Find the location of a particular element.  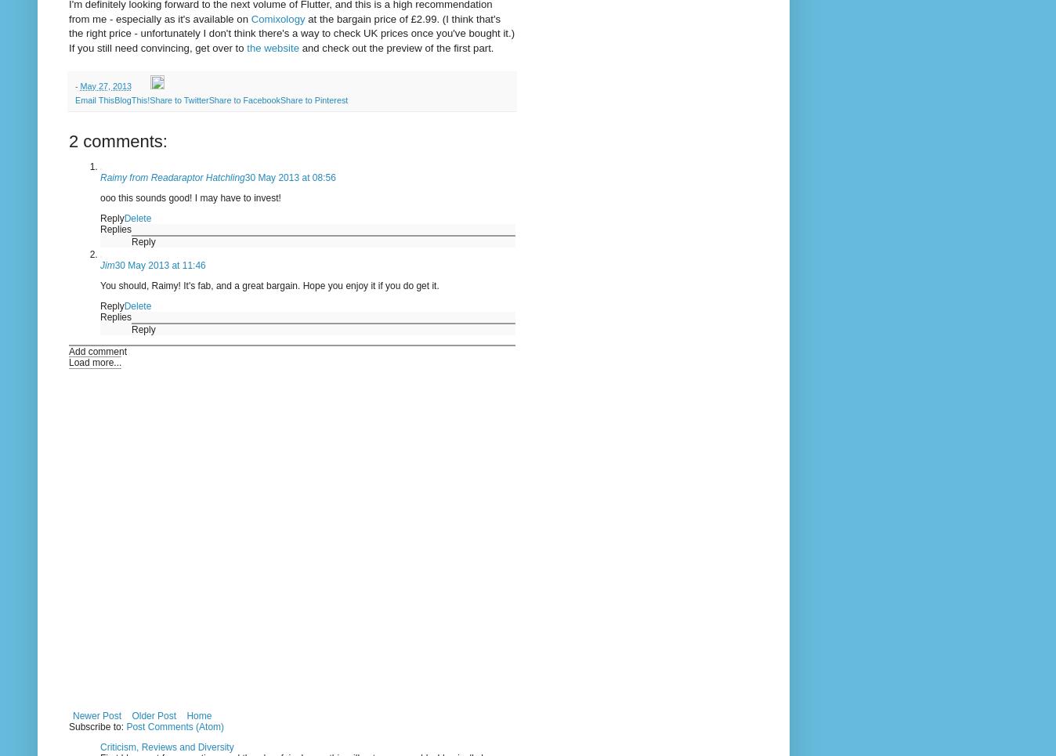

'30 May 2013 at 08:56' is located at coordinates (289, 176).